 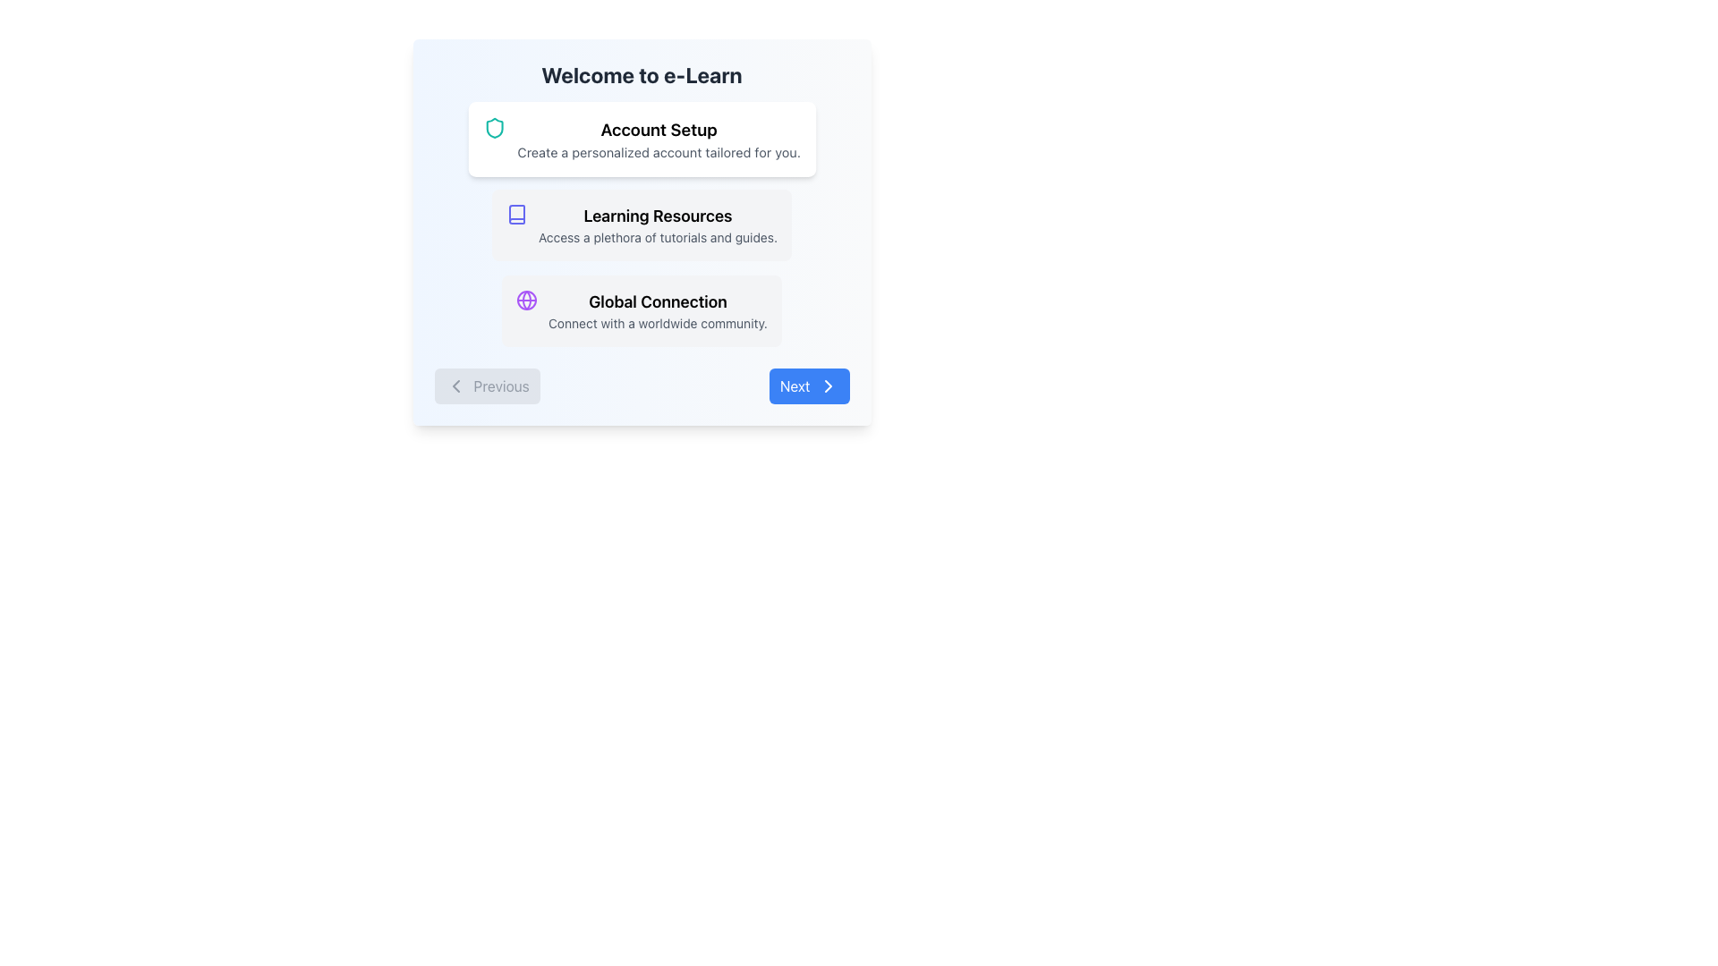 I want to click on the rightward point arrow icon within the 'Next' button at the bottom right of the panel, so click(x=827, y=386).